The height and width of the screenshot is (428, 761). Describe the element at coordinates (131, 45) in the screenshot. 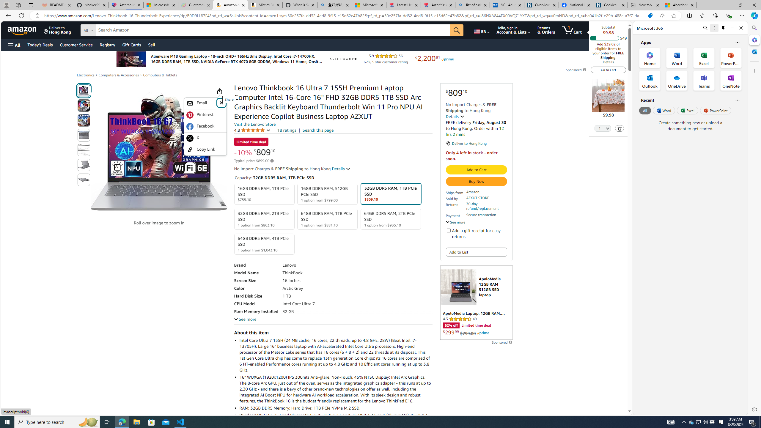

I see `'Gift Cards'` at that location.